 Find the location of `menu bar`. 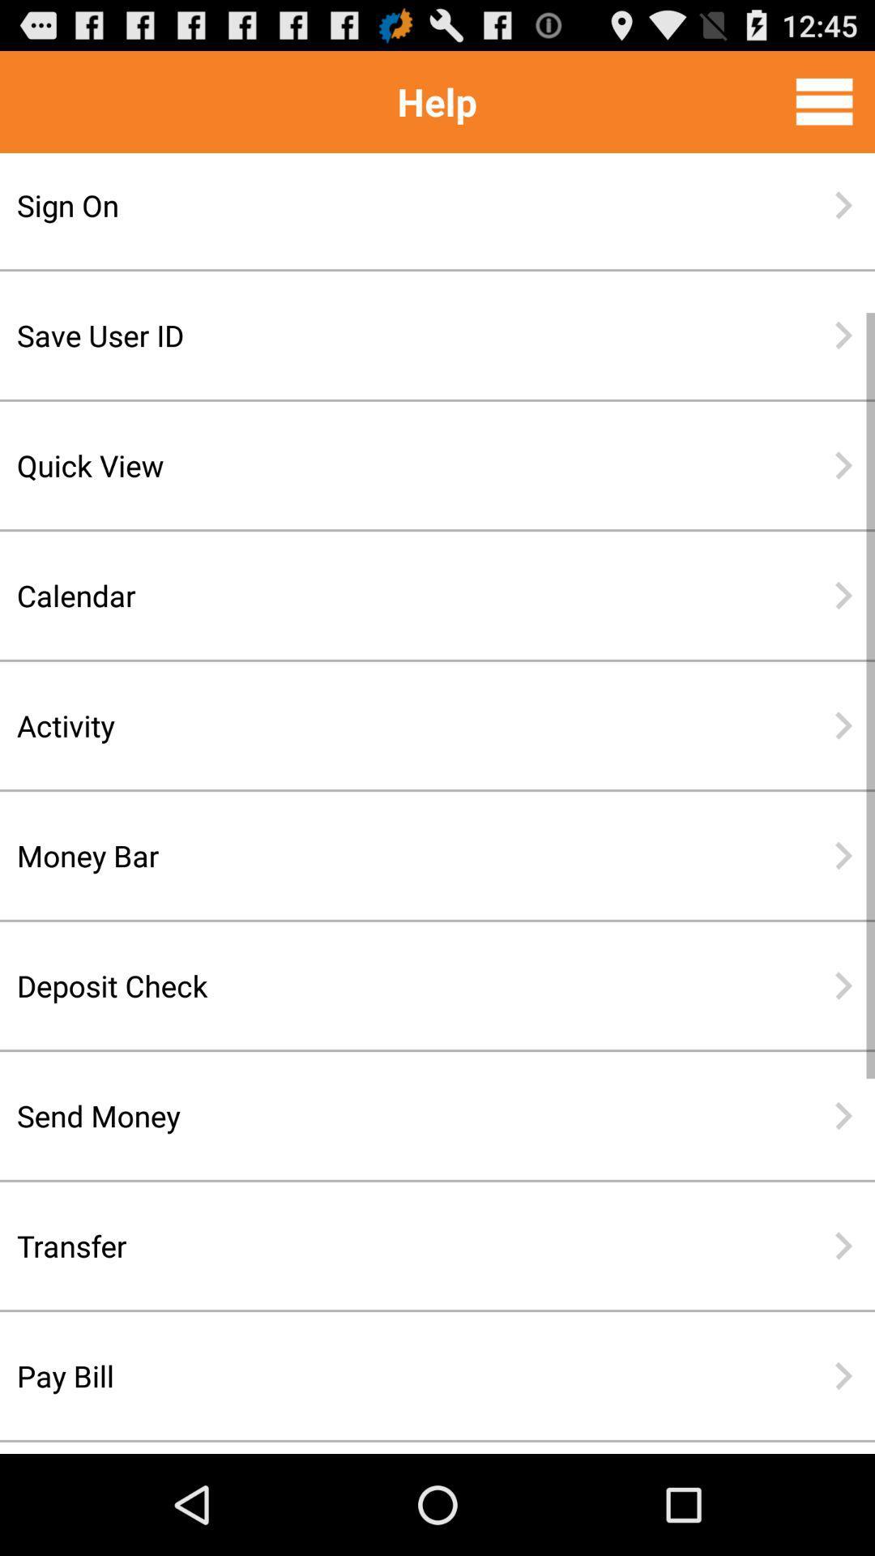

menu bar is located at coordinates (824, 100).